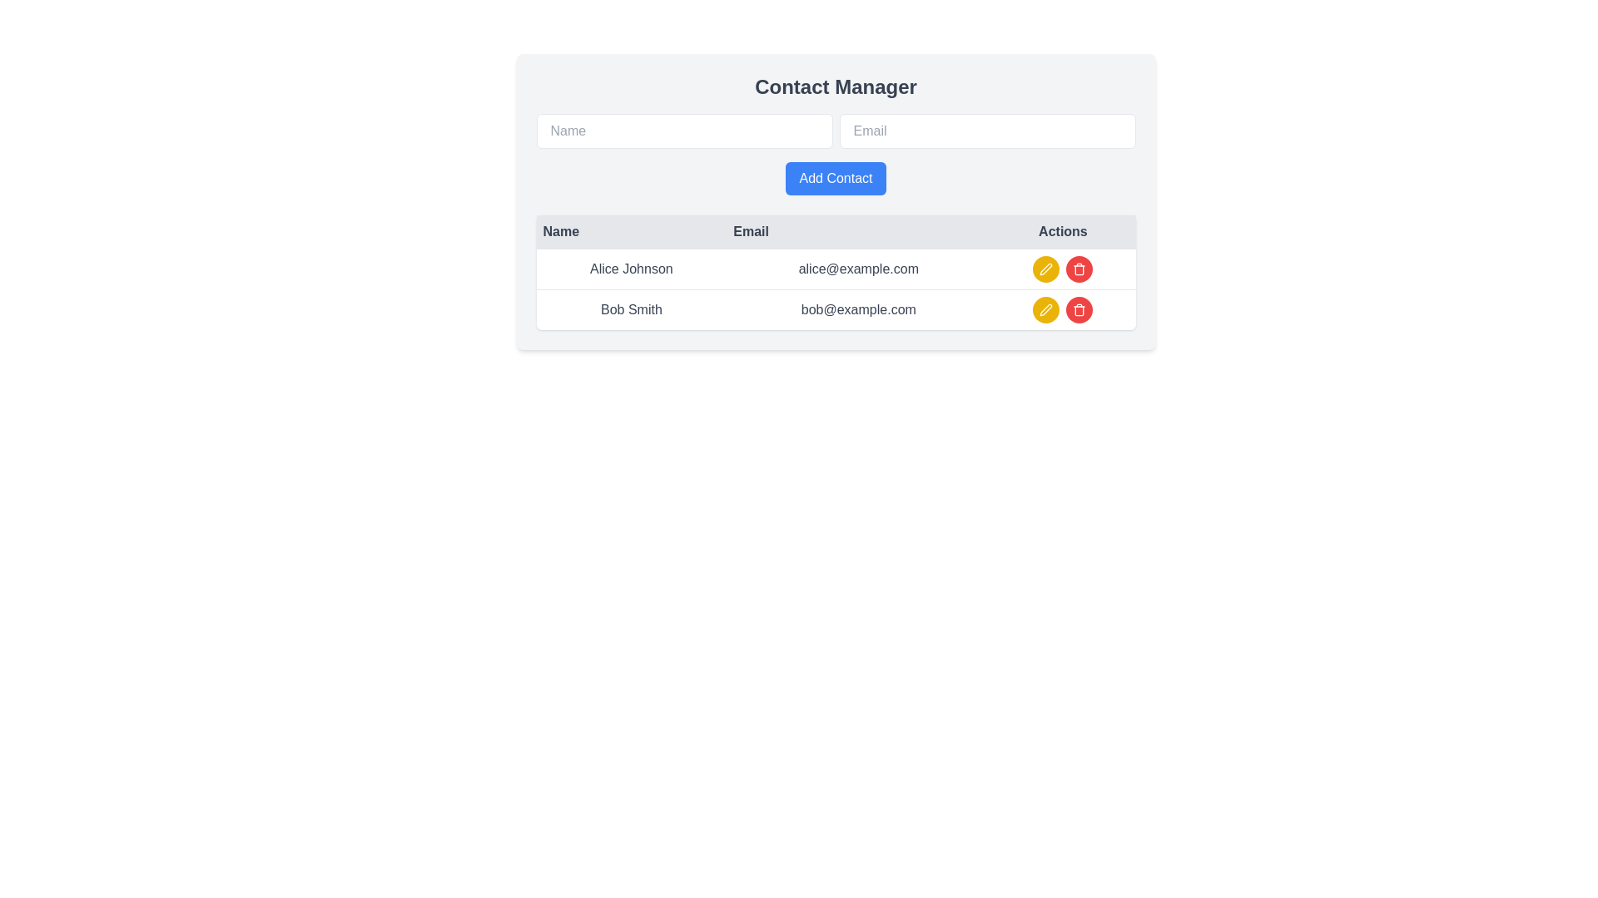 The height and width of the screenshot is (898, 1598). What do you see at coordinates (1045, 310) in the screenshot?
I see `the yellow pen icon located within the round button in the 'Actions' column, adjacent to Bob Smith's row` at bounding box center [1045, 310].